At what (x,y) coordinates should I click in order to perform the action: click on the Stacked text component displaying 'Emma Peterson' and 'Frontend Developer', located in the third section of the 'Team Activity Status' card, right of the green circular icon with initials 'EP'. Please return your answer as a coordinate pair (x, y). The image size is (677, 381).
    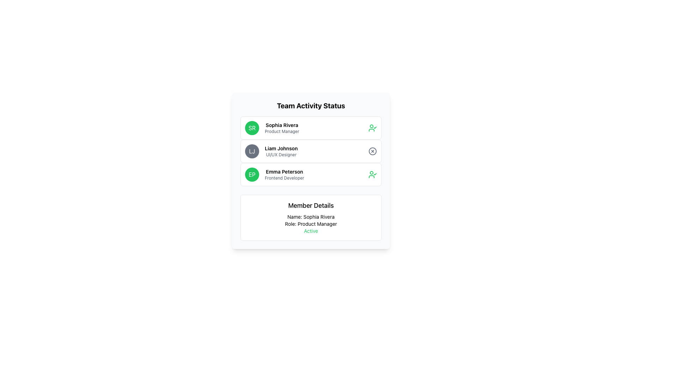
    Looking at the image, I should click on (284, 174).